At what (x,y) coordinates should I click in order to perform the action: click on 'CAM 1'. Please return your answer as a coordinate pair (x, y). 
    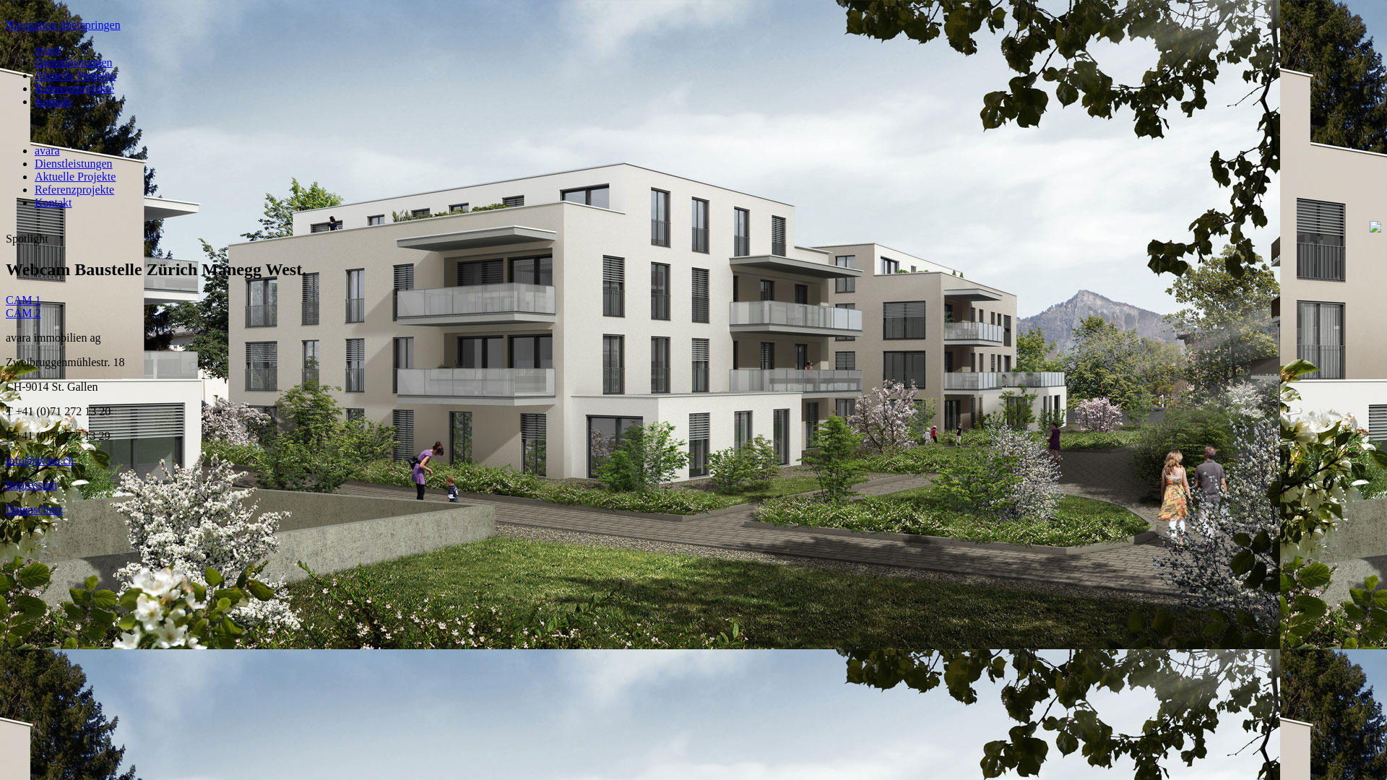
    Looking at the image, I should click on (6, 299).